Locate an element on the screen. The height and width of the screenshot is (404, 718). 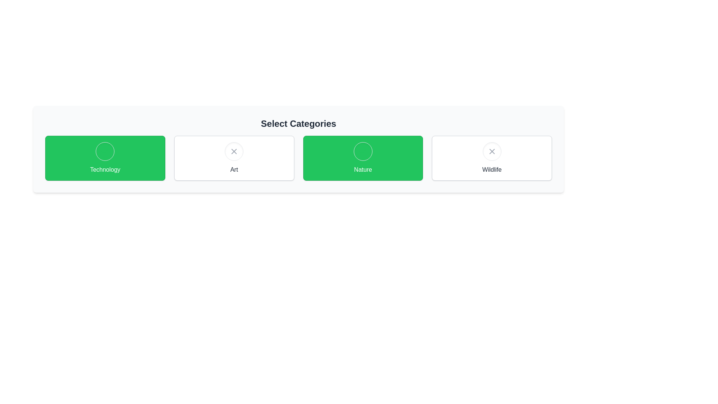
the chip corresponding to the category Technology is located at coordinates (105, 158).